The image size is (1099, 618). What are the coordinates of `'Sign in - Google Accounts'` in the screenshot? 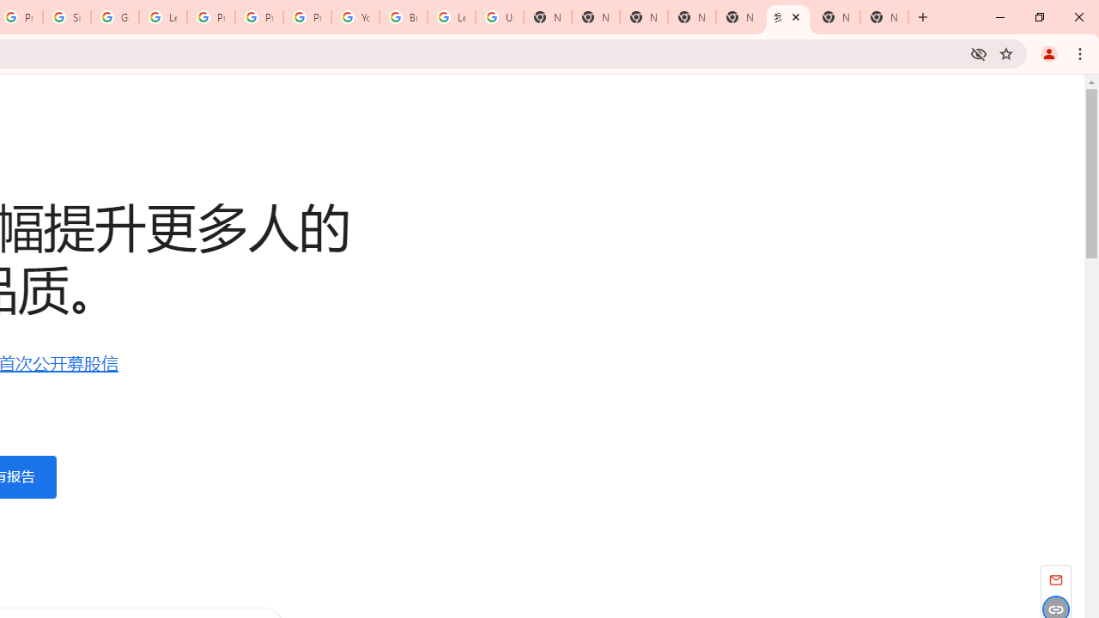 It's located at (67, 17).